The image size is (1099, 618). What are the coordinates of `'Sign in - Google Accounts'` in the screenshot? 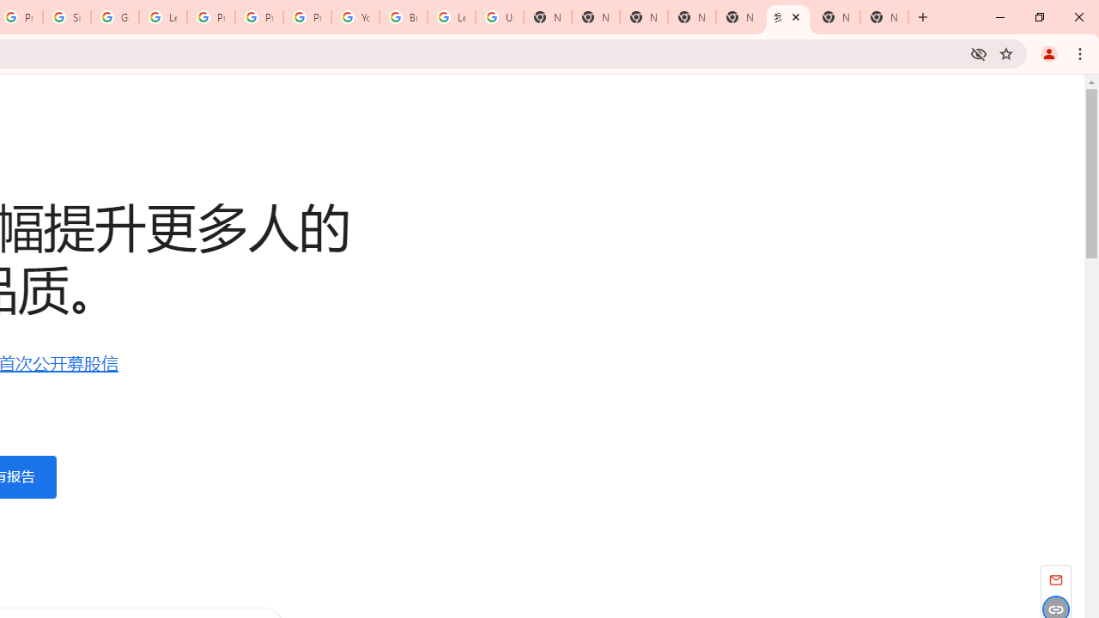 It's located at (67, 17).